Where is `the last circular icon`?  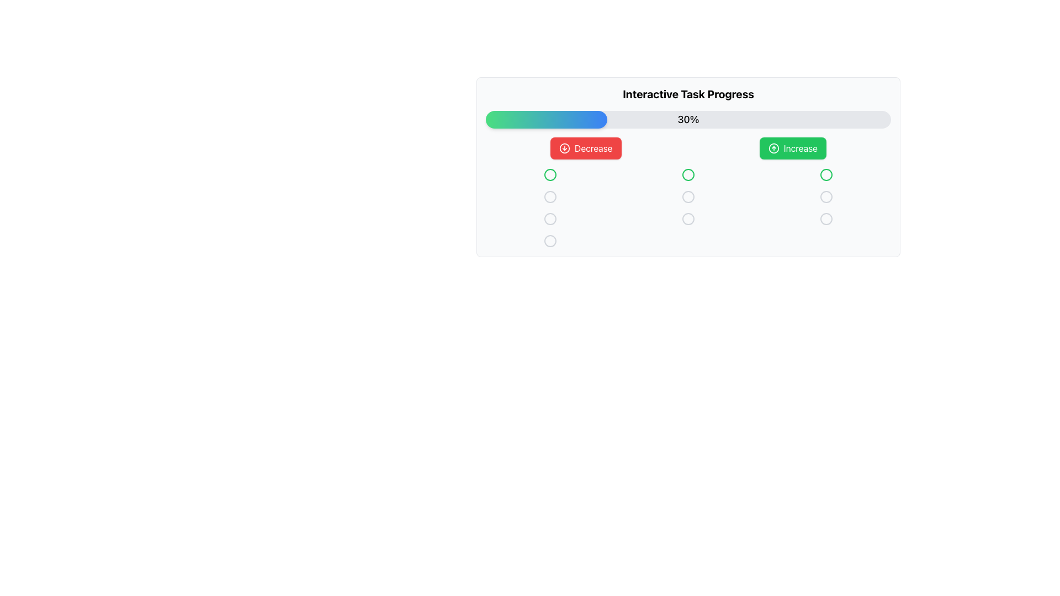 the last circular icon is located at coordinates (826, 219).